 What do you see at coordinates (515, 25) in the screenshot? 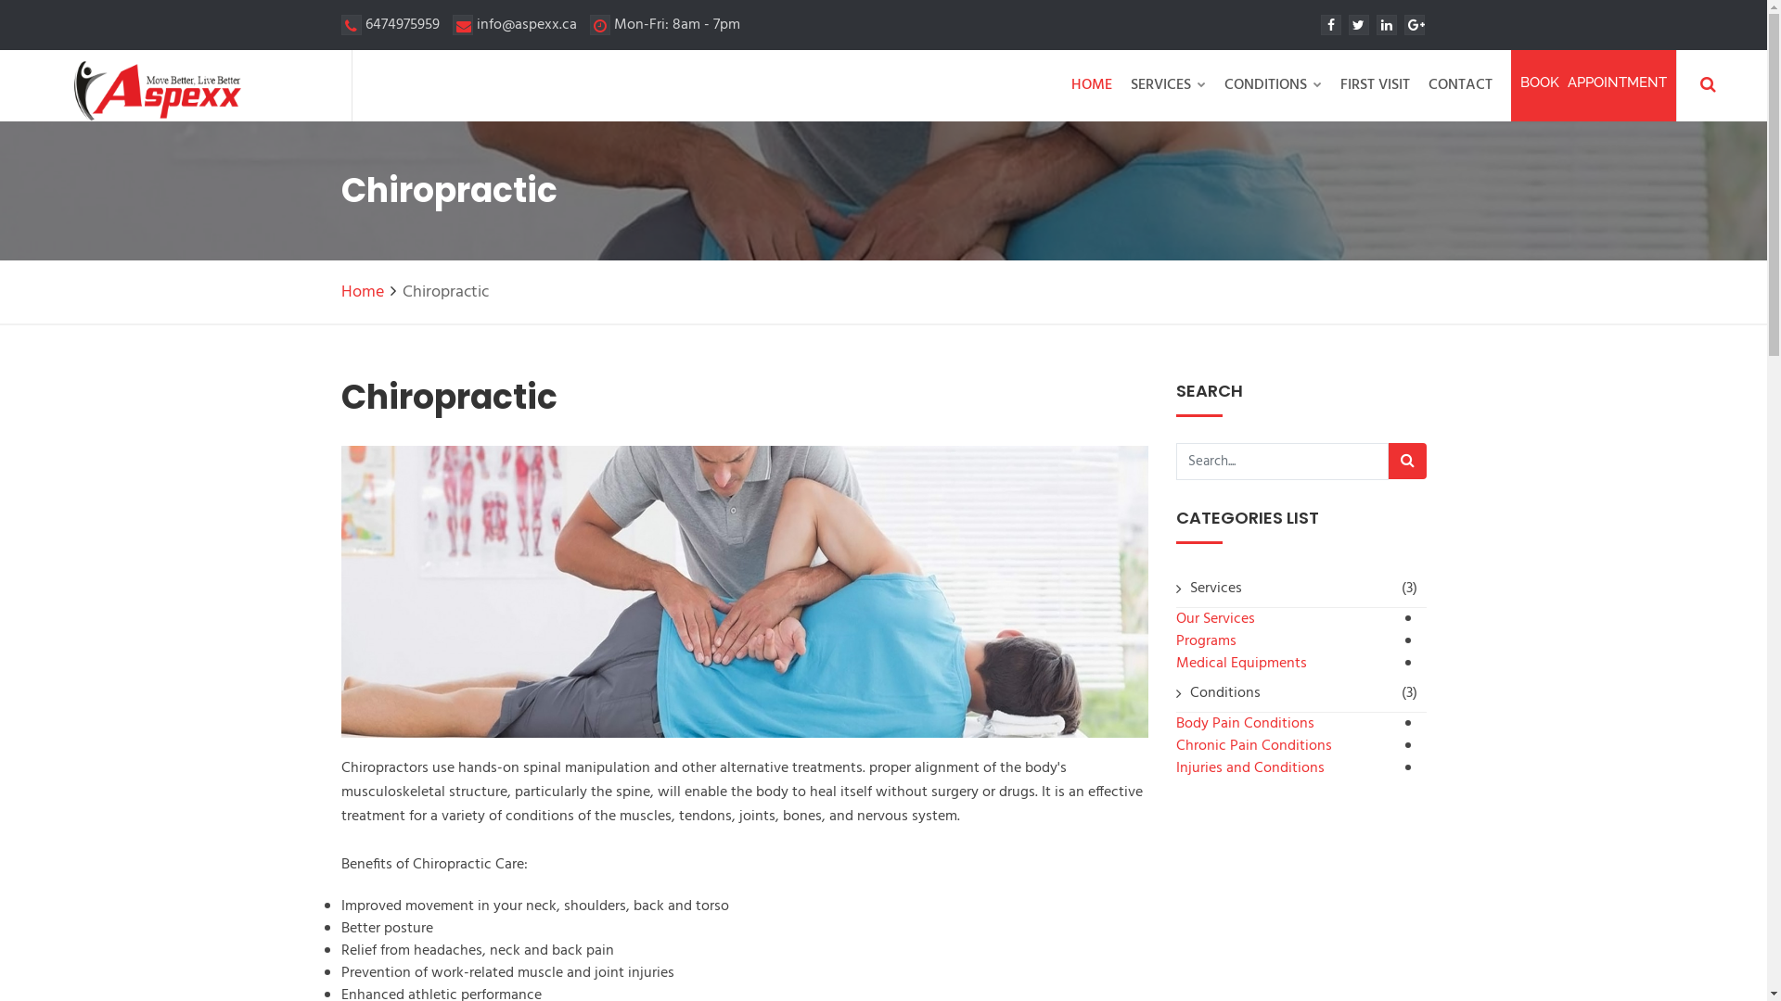
I see `'info@aspexx.ca'` at bounding box center [515, 25].